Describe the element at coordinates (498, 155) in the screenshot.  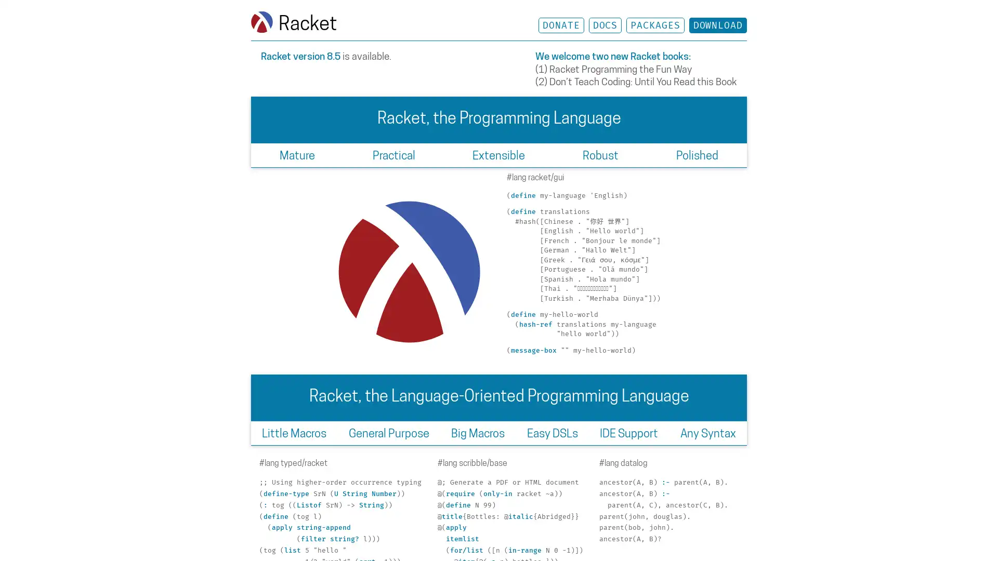
I see `Extensible` at that location.